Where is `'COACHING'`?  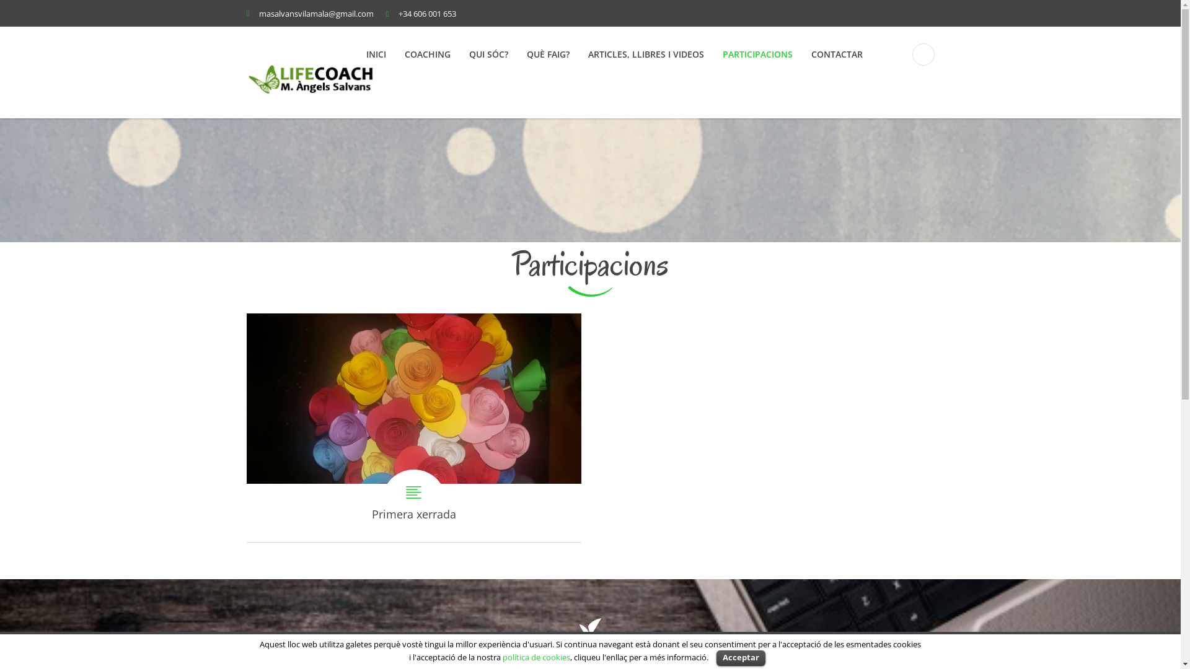 'COACHING' is located at coordinates (404, 53).